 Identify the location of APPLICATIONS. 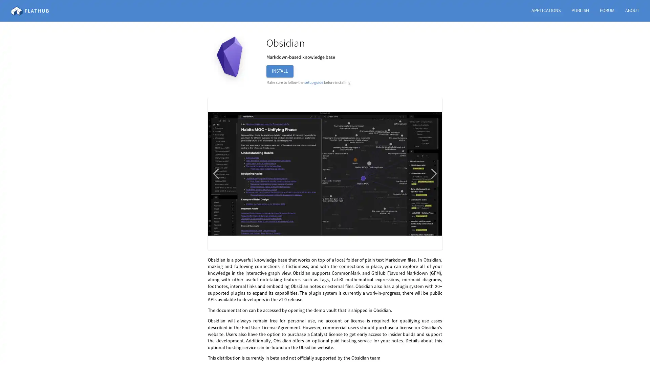
(546, 10).